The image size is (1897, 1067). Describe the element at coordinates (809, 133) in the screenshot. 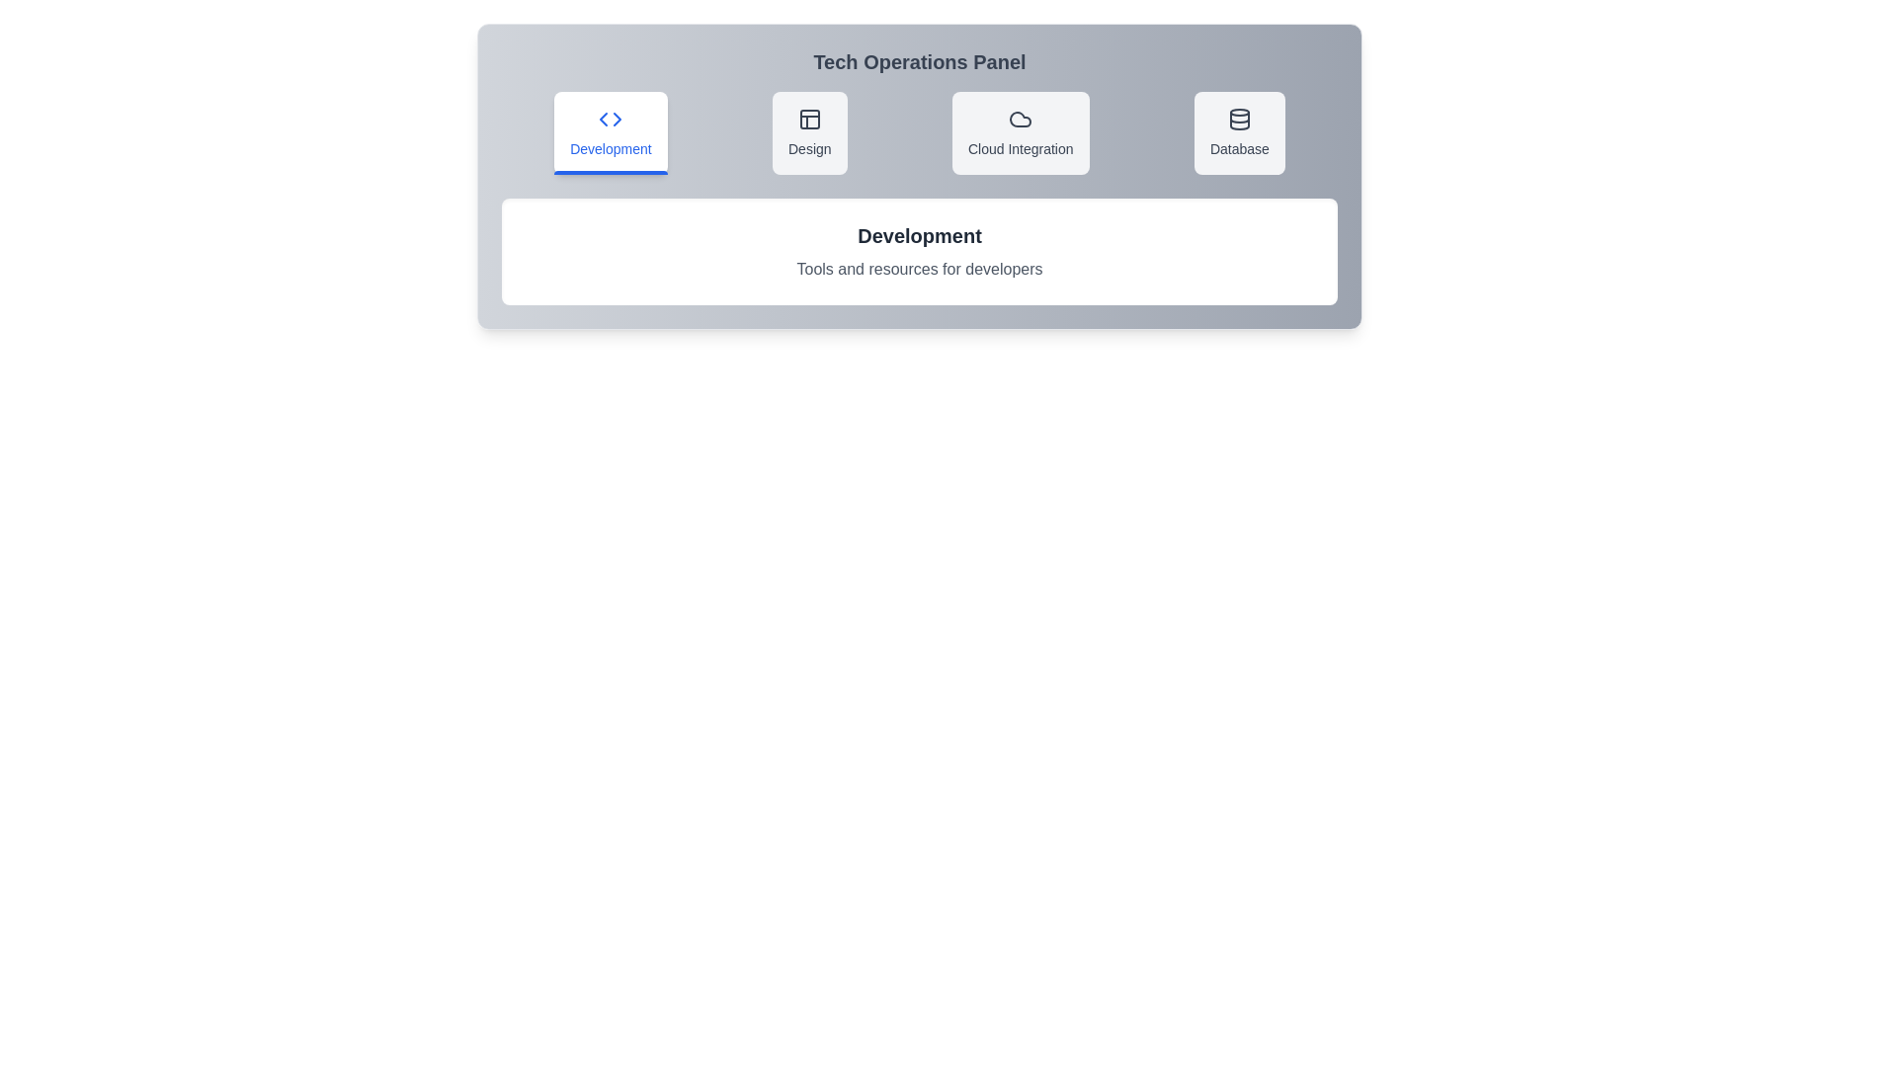

I see `the Design tab to observe its hover effect` at that location.